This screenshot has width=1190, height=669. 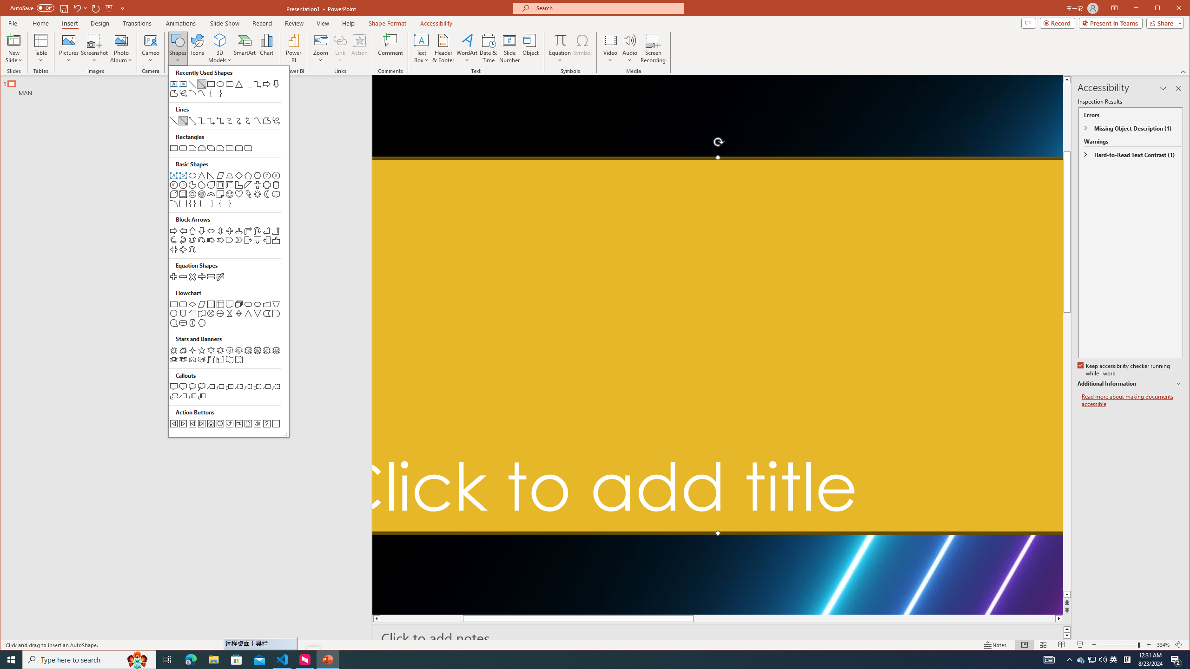 What do you see at coordinates (150, 39) in the screenshot?
I see `'Cameo'` at bounding box center [150, 39].